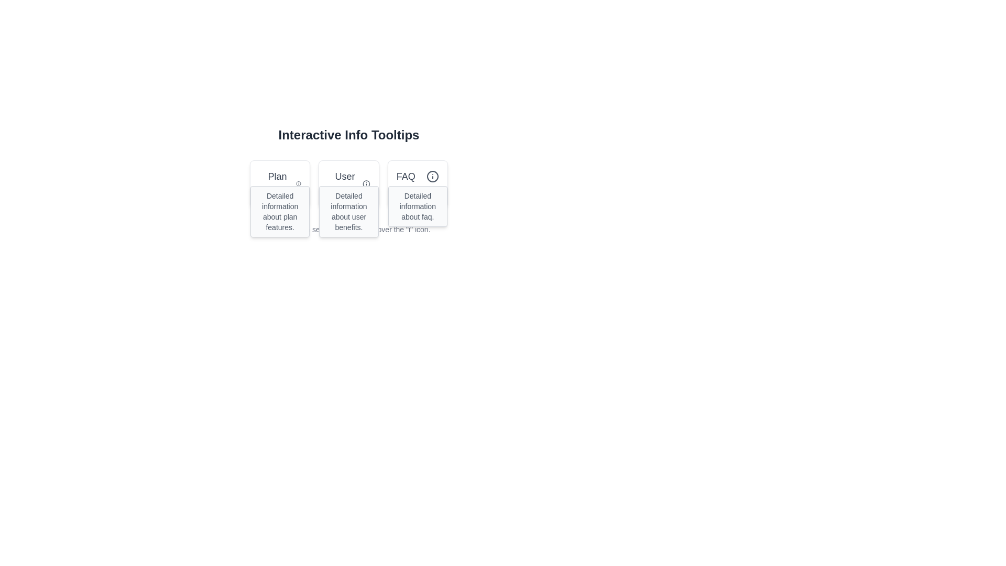 This screenshot has height=566, width=1006. I want to click on the information icon next to the 'User Benefits' text label, so click(349, 183).